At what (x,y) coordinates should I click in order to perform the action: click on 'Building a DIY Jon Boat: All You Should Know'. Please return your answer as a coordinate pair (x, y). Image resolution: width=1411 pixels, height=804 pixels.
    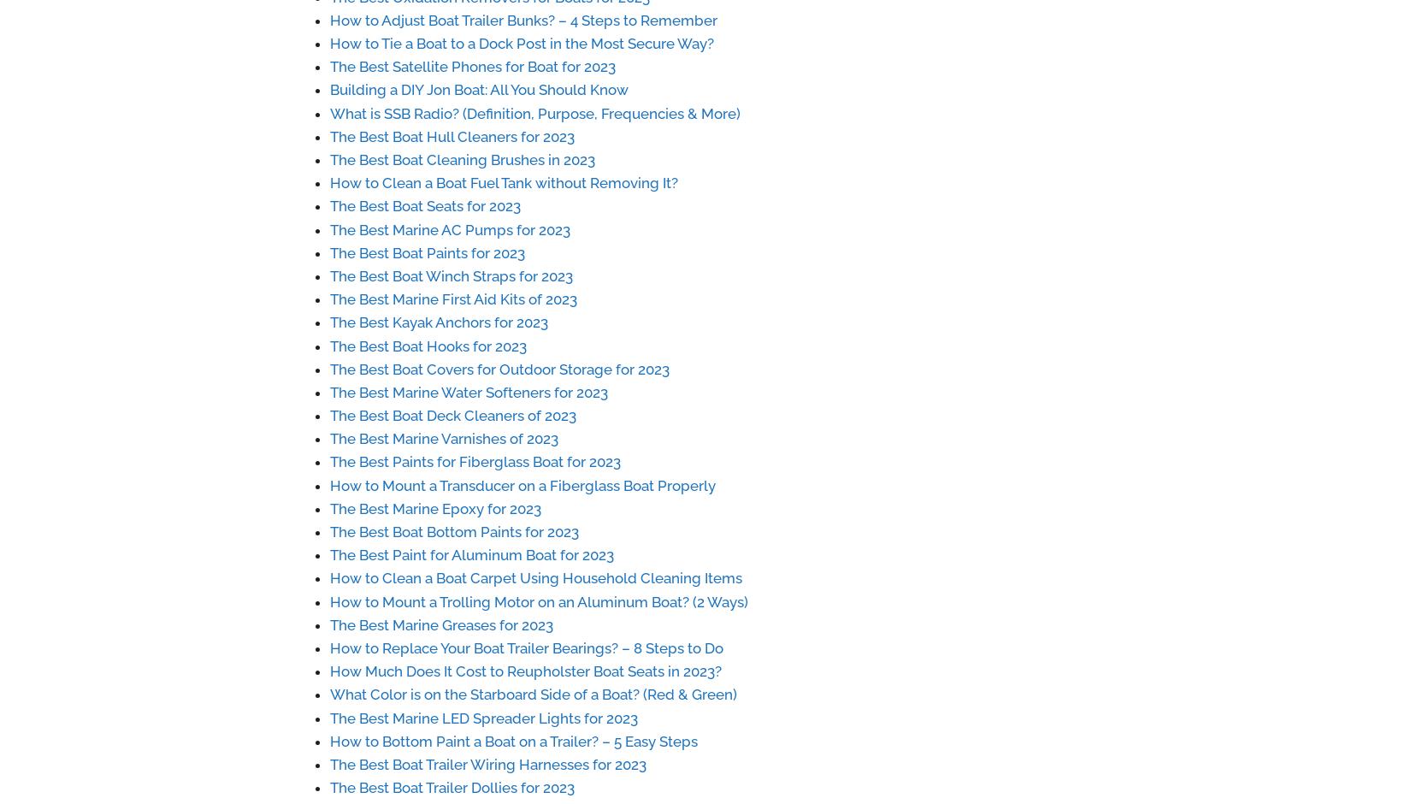
    Looking at the image, I should click on (478, 89).